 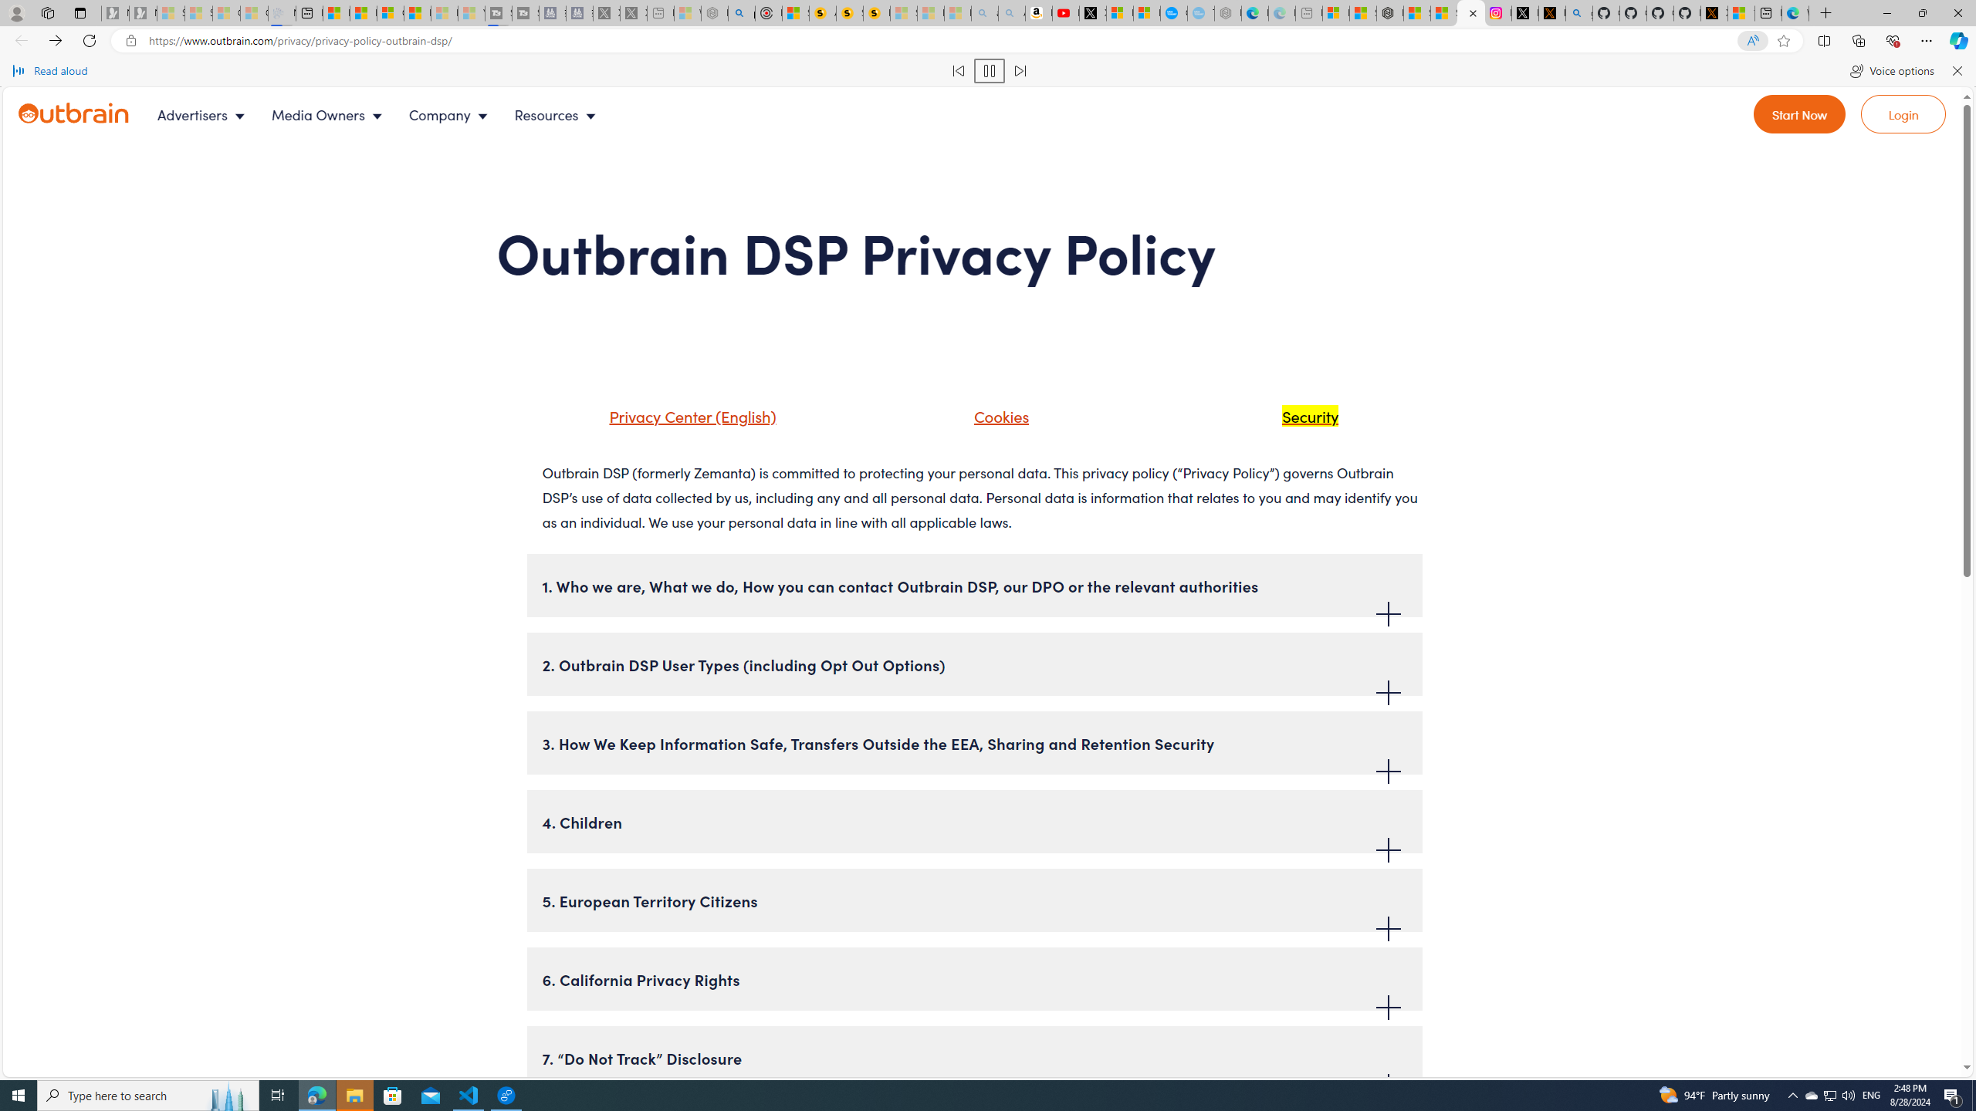 What do you see at coordinates (1799, 113) in the screenshot?
I see `'Go to Register'` at bounding box center [1799, 113].